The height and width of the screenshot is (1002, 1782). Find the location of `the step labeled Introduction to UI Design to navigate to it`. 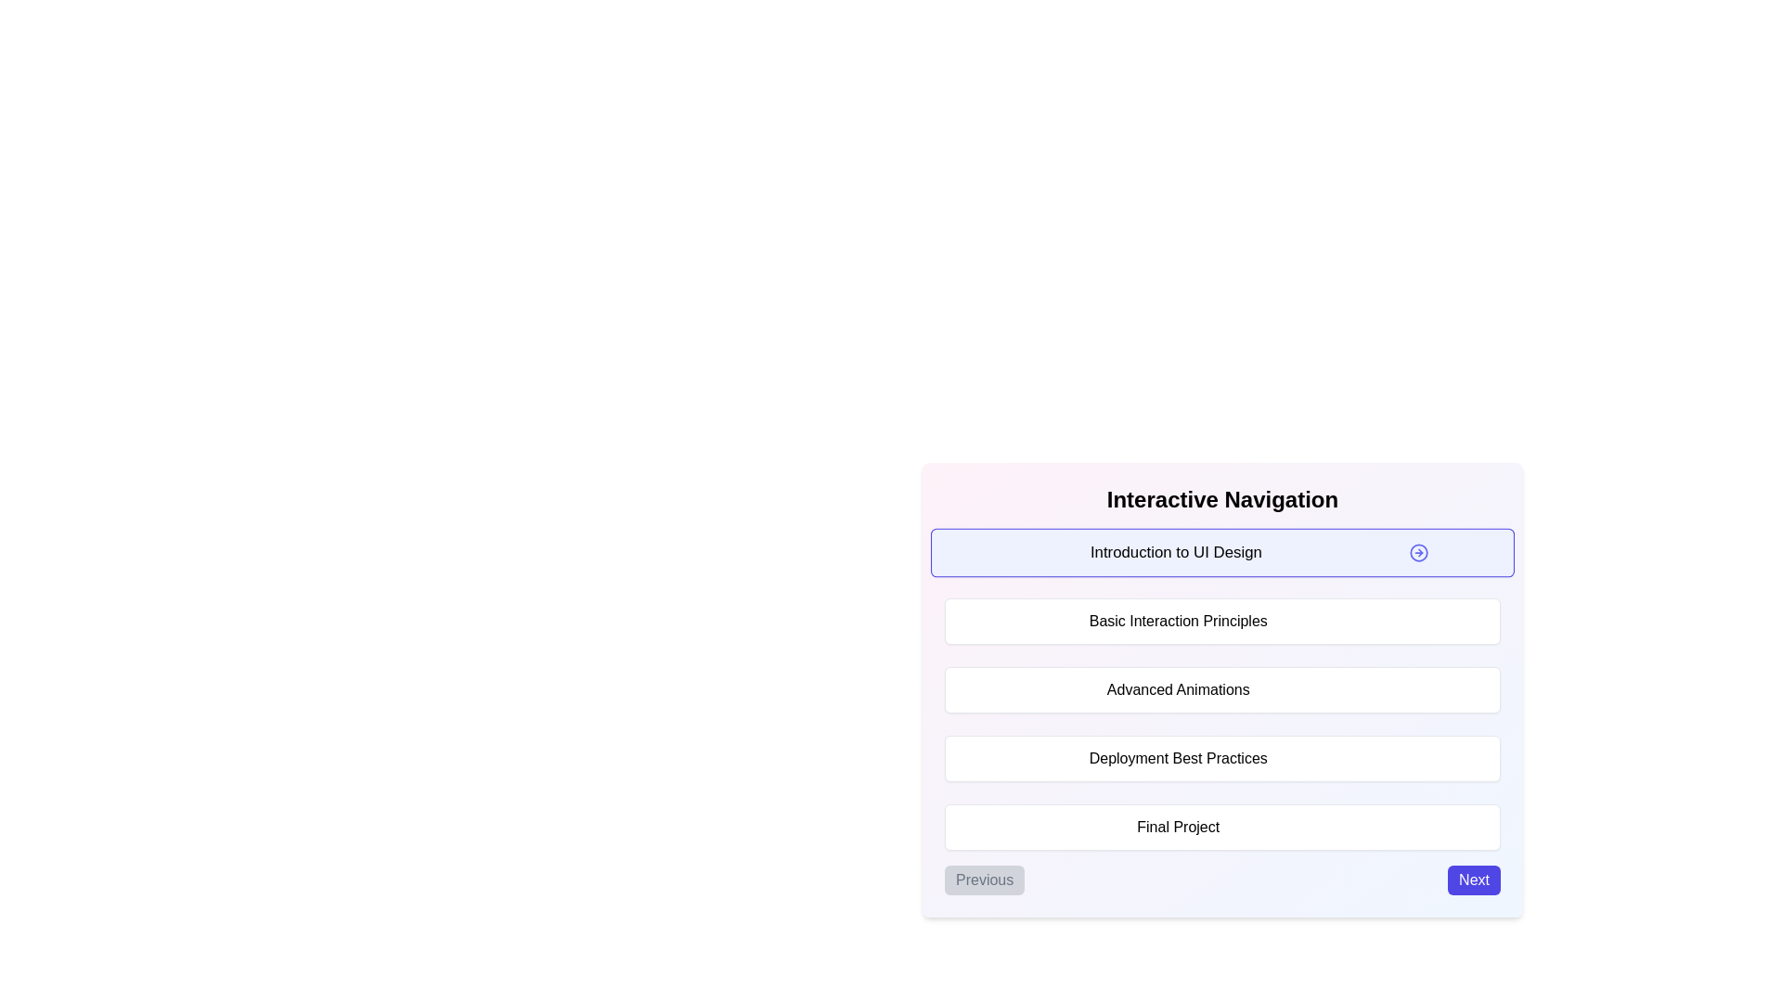

the step labeled Introduction to UI Design to navigate to it is located at coordinates (1222, 552).